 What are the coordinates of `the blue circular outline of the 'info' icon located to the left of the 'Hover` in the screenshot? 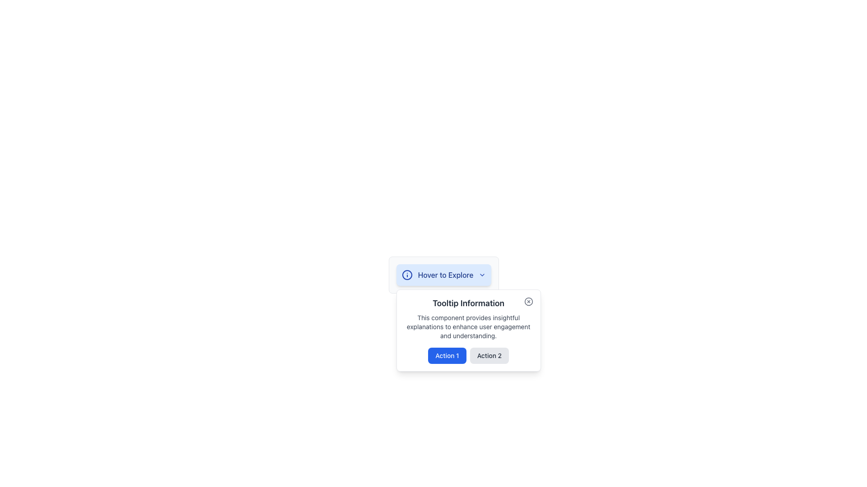 It's located at (406, 274).